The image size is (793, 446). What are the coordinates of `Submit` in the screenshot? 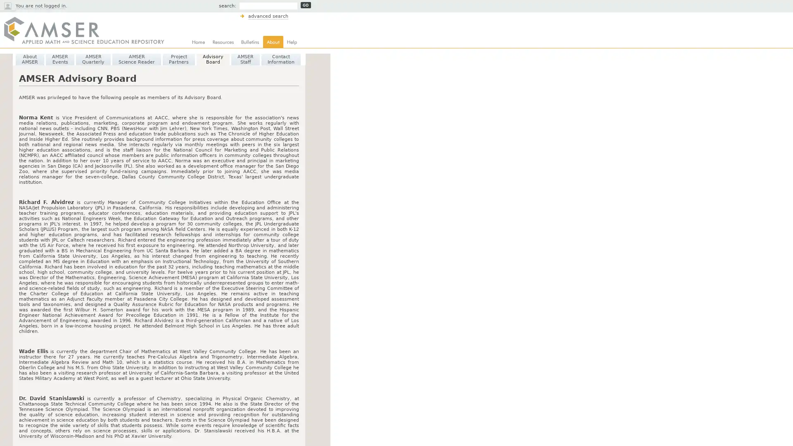 It's located at (305, 5).